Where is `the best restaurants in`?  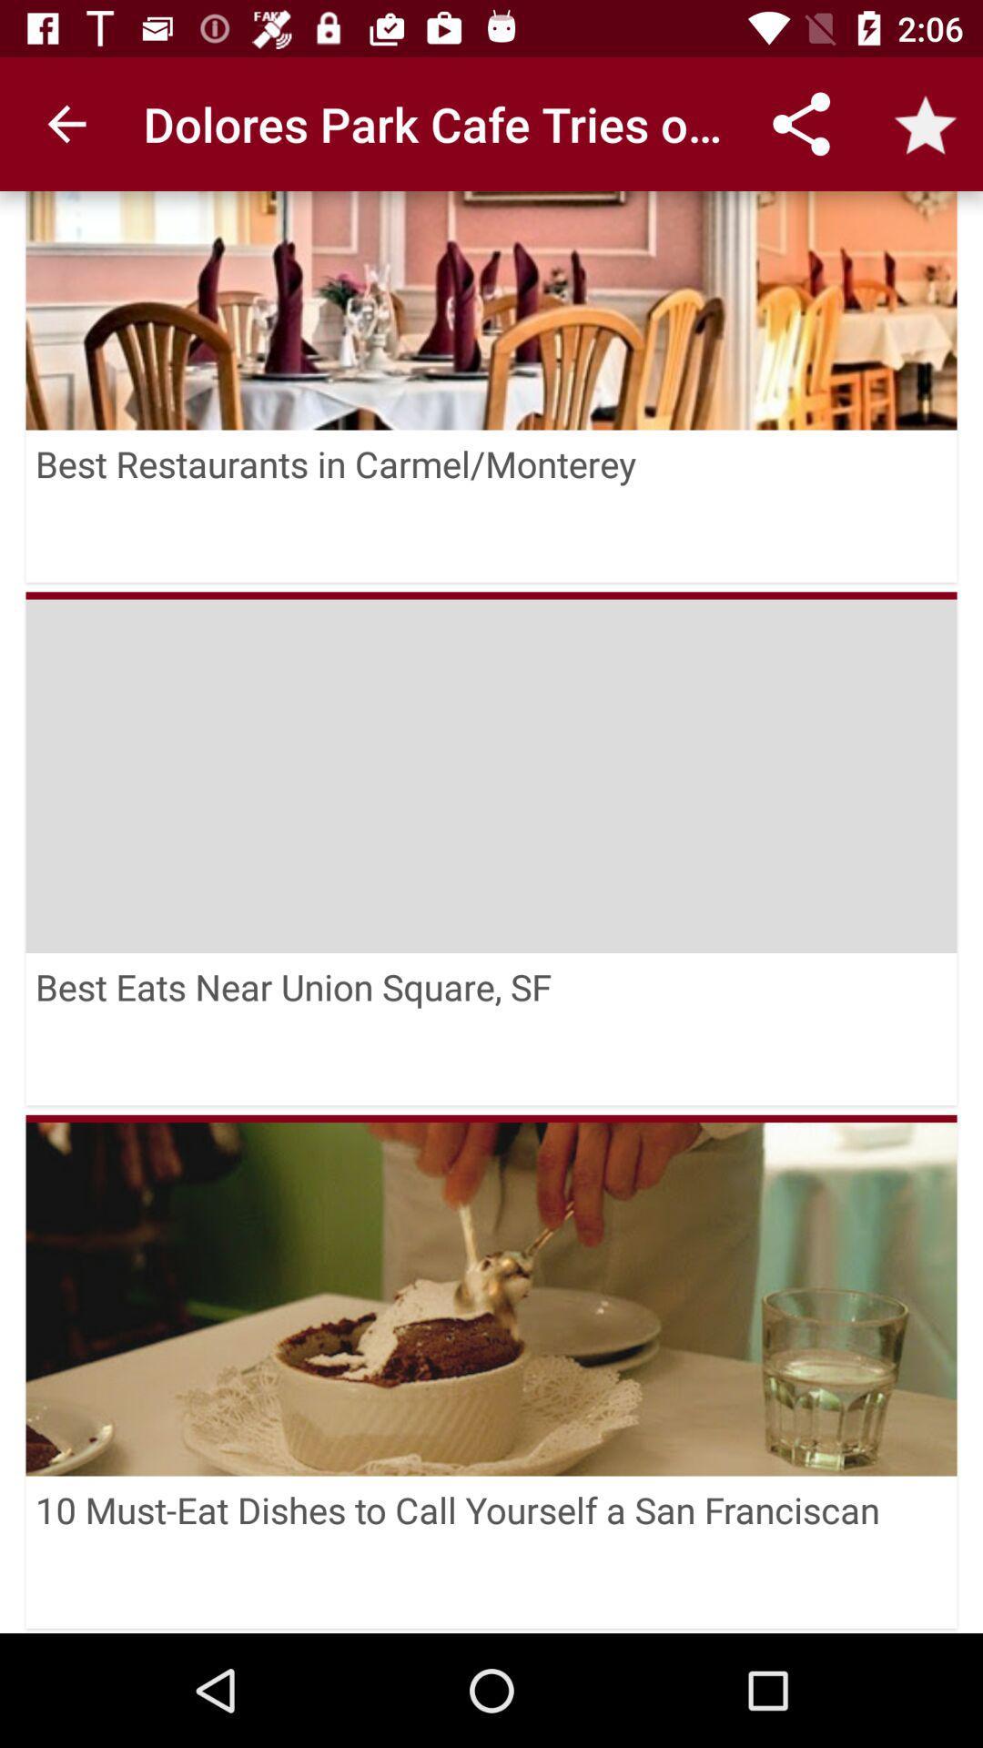
the best restaurants in is located at coordinates (491, 506).